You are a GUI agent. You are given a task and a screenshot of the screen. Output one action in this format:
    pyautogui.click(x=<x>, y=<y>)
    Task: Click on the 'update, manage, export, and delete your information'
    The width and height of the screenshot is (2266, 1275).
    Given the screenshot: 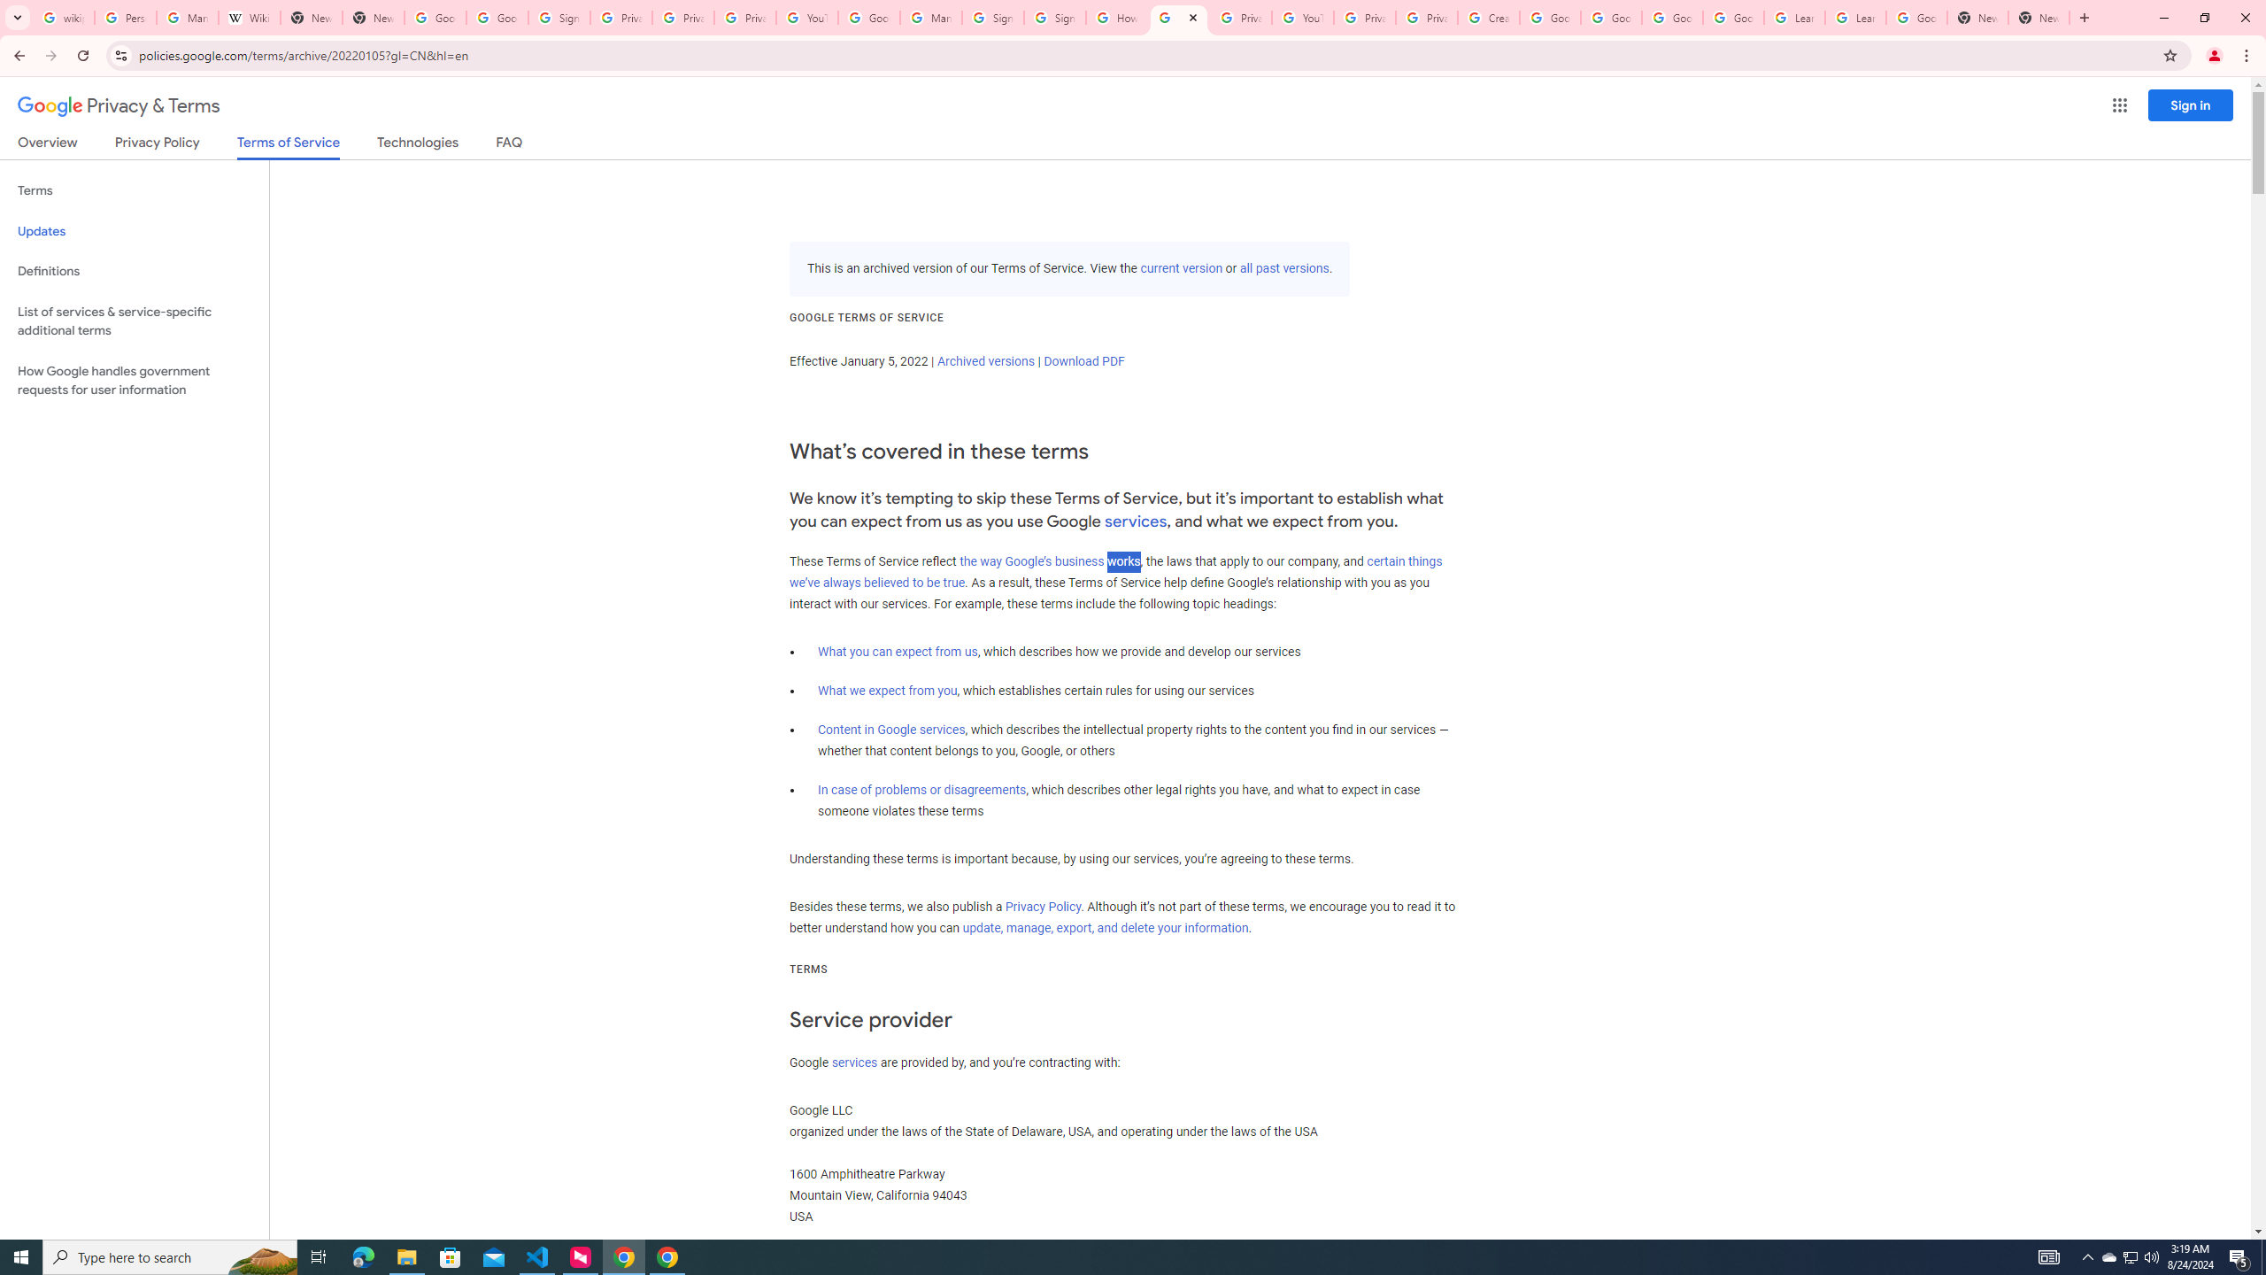 What is the action you would take?
    pyautogui.click(x=1105, y=928)
    